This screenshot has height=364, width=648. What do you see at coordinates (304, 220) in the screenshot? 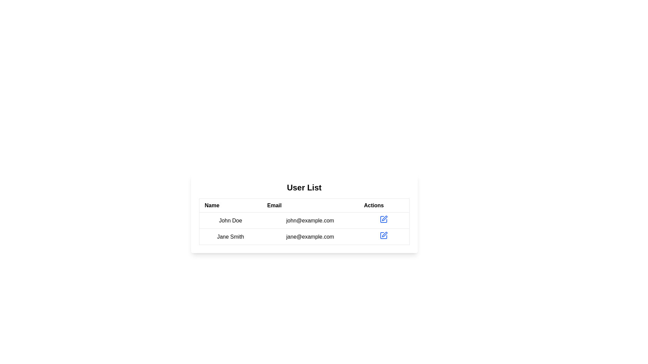
I see `the row containing the name 'John Doe' and email 'john@example.com' for further actions` at bounding box center [304, 220].